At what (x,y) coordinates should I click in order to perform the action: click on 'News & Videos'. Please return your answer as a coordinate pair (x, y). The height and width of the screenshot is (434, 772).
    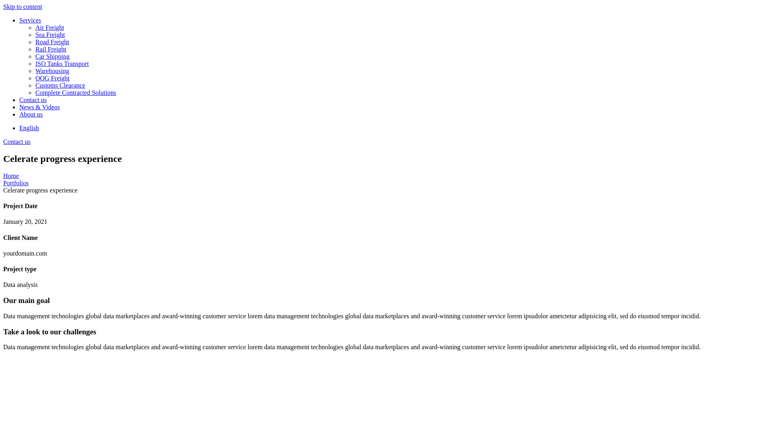
    Looking at the image, I should click on (394, 106).